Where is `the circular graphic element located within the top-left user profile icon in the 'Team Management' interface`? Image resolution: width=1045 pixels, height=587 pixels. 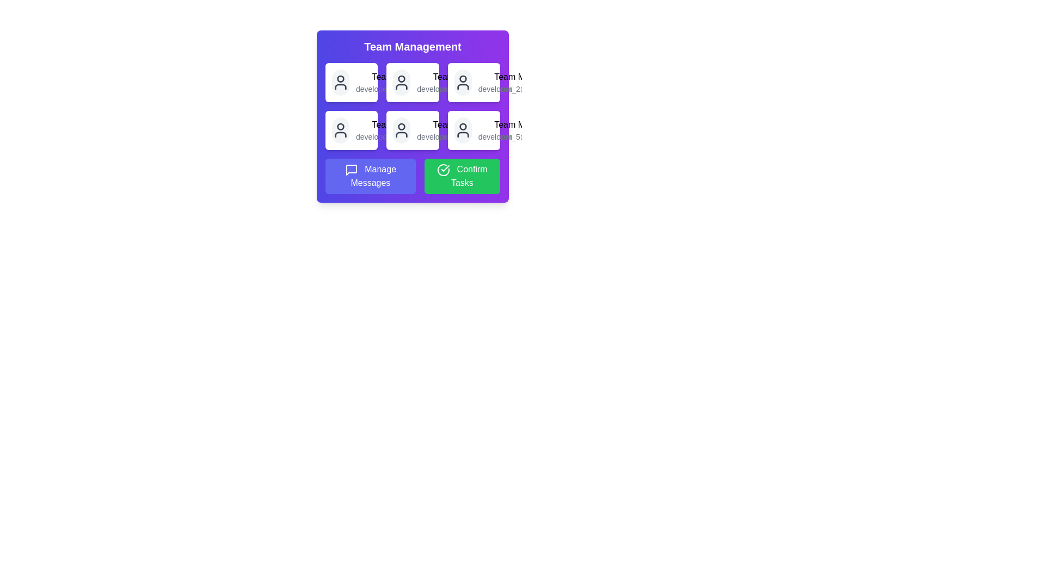
the circular graphic element located within the top-left user profile icon in the 'Team Management' interface is located at coordinates (340, 78).